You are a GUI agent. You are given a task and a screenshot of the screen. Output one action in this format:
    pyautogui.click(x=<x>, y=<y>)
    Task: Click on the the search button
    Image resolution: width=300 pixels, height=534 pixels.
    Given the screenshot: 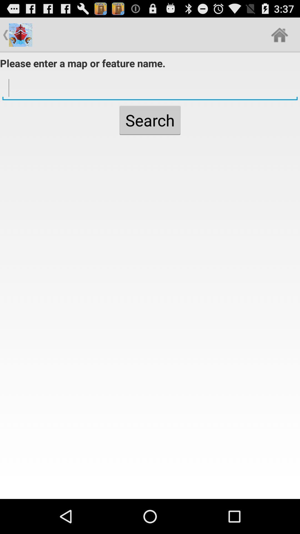 What is the action you would take?
    pyautogui.click(x=150, y=120)
    